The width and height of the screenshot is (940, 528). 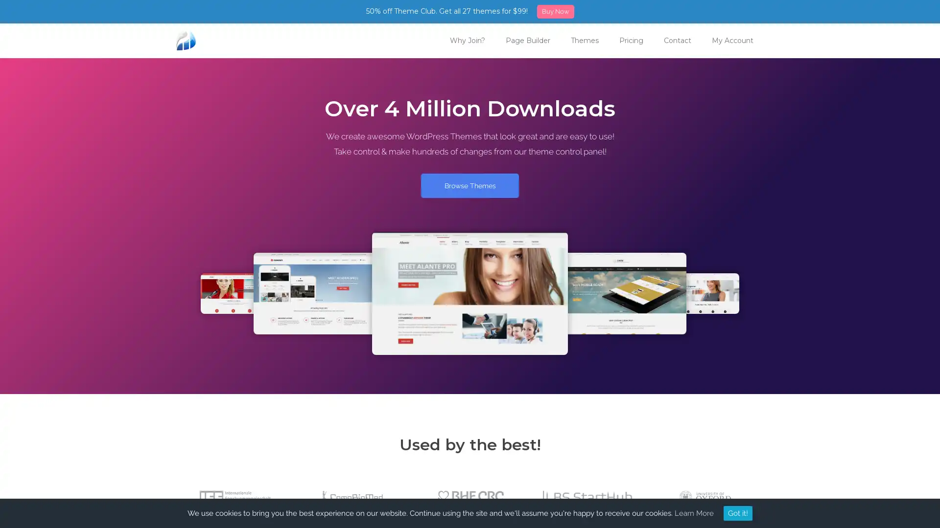 I want to click on Browse Themes, so click(x=470, y=186).